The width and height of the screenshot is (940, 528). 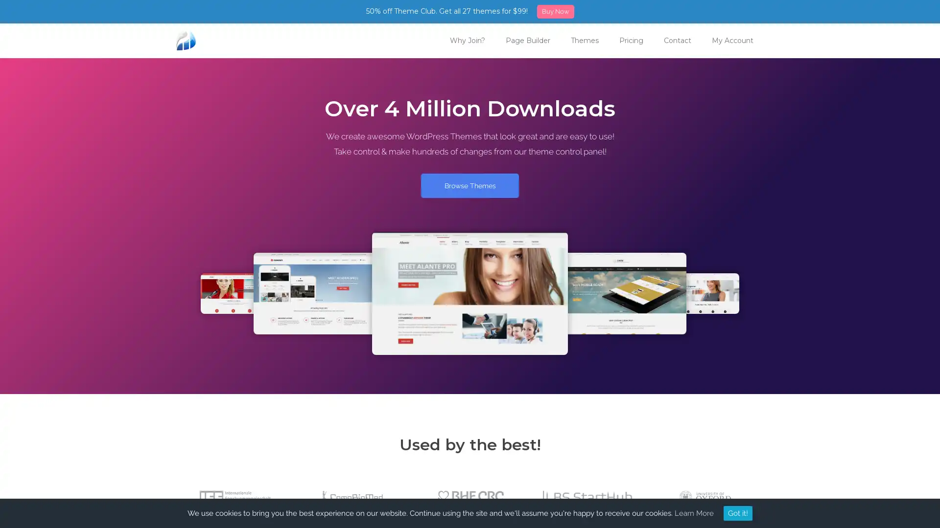 I want to click on Browse Themes, so click(x=470, y=186).